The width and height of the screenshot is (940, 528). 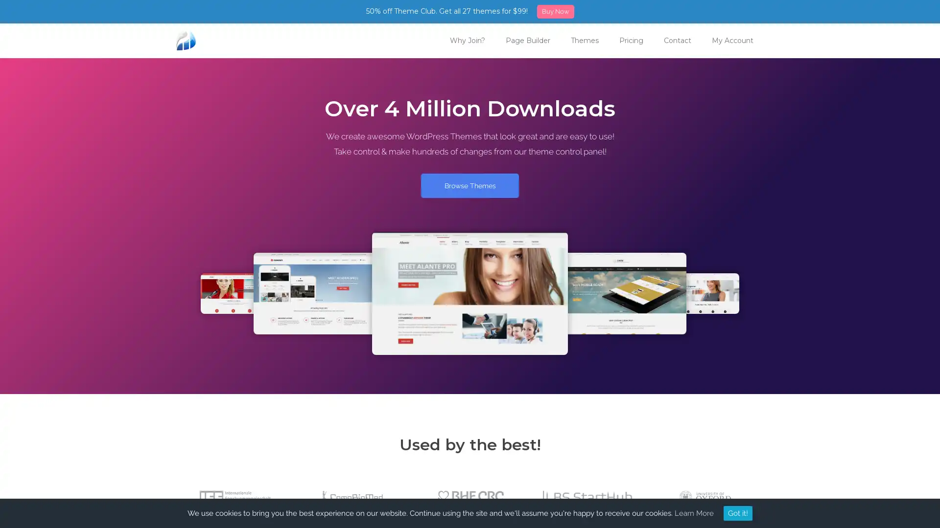 I want to click on Browse Themes, so click(x=470, y=186).